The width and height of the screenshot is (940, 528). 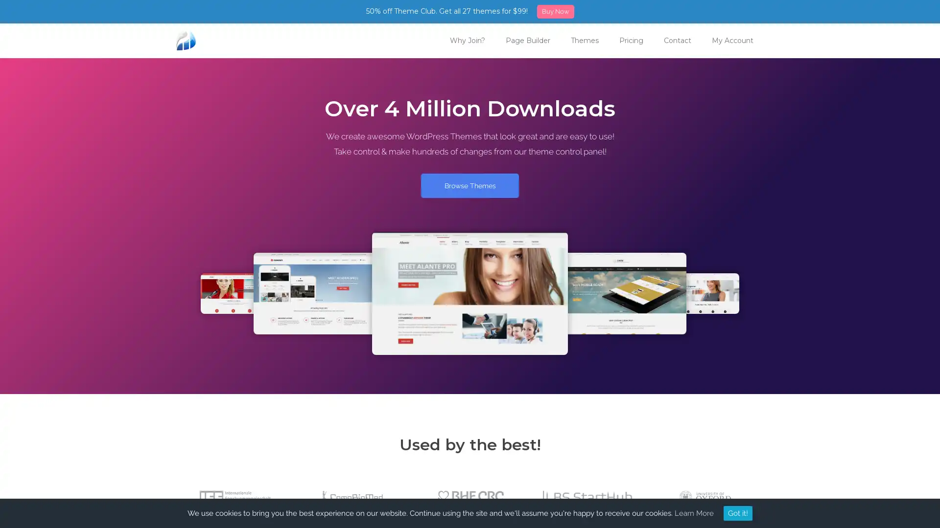 I want to click on Browse Themes, so click(x=470, y=186).